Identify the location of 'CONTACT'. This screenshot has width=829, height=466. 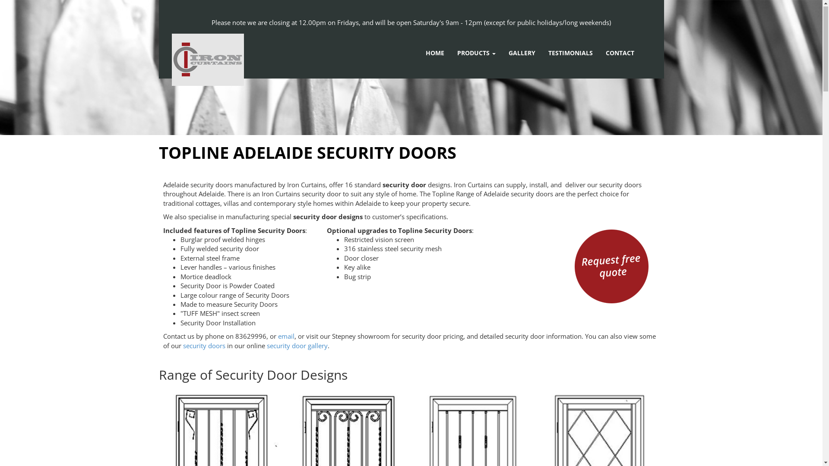
(619, 53).